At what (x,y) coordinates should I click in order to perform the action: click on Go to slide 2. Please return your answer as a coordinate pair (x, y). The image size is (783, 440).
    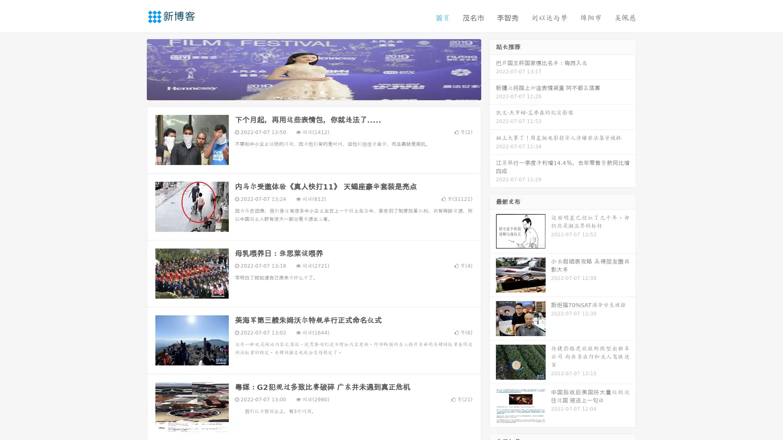
    Looking at the image, I should click on (313, 92).